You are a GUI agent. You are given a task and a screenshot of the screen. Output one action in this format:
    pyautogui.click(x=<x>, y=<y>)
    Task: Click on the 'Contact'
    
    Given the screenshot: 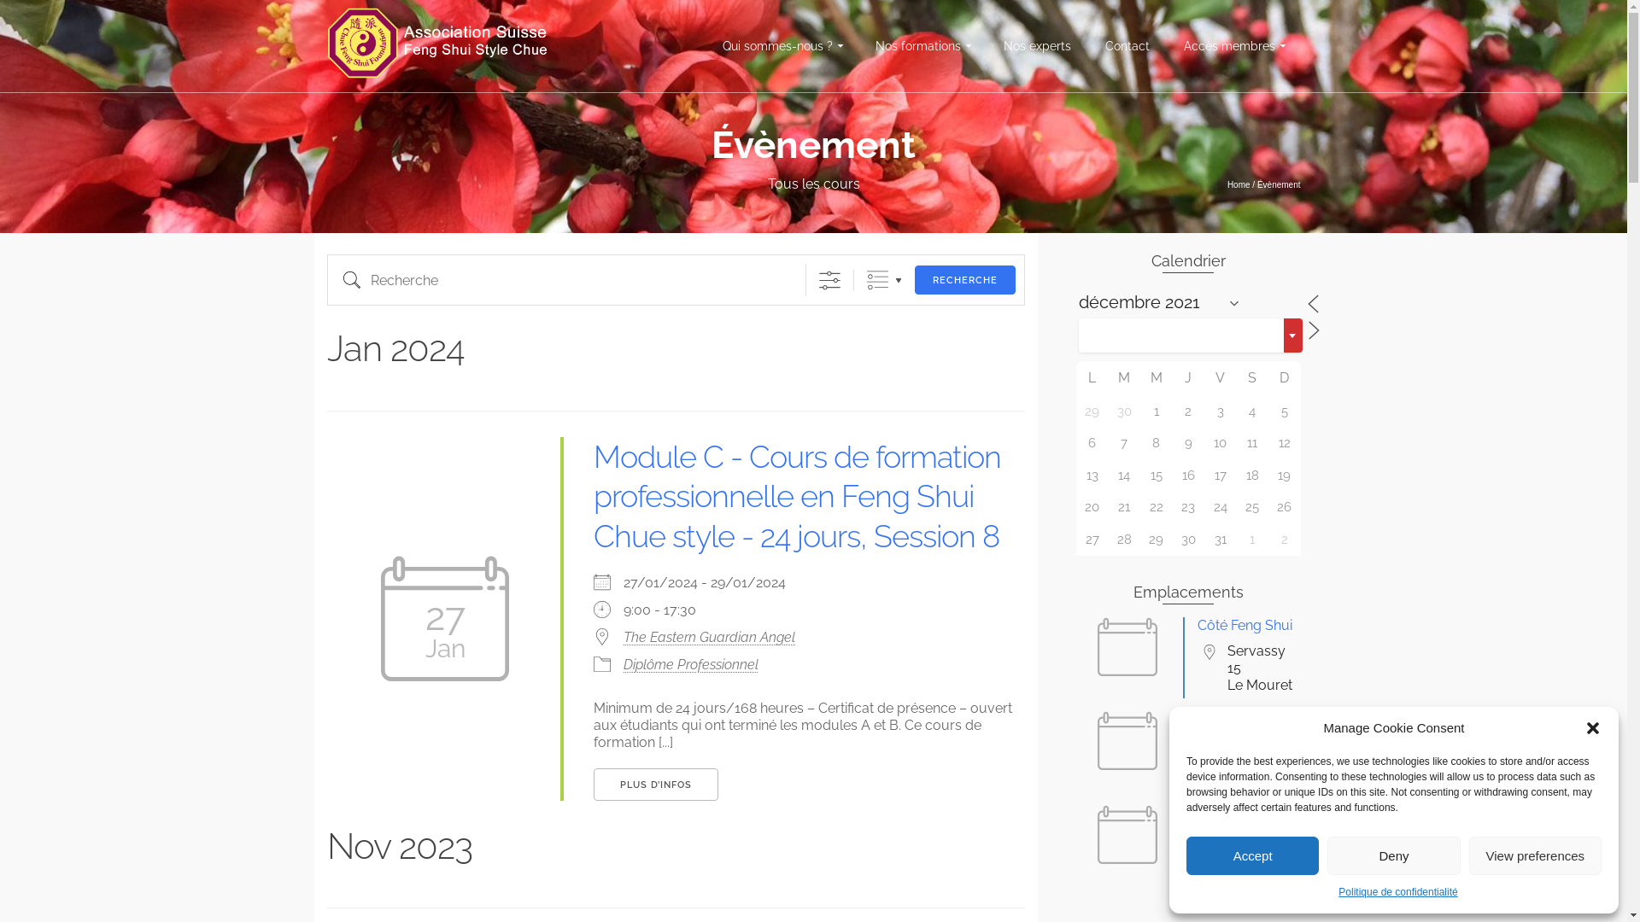 What is the action you would take?
    pyautogui.click(x=1127, y=45)
    